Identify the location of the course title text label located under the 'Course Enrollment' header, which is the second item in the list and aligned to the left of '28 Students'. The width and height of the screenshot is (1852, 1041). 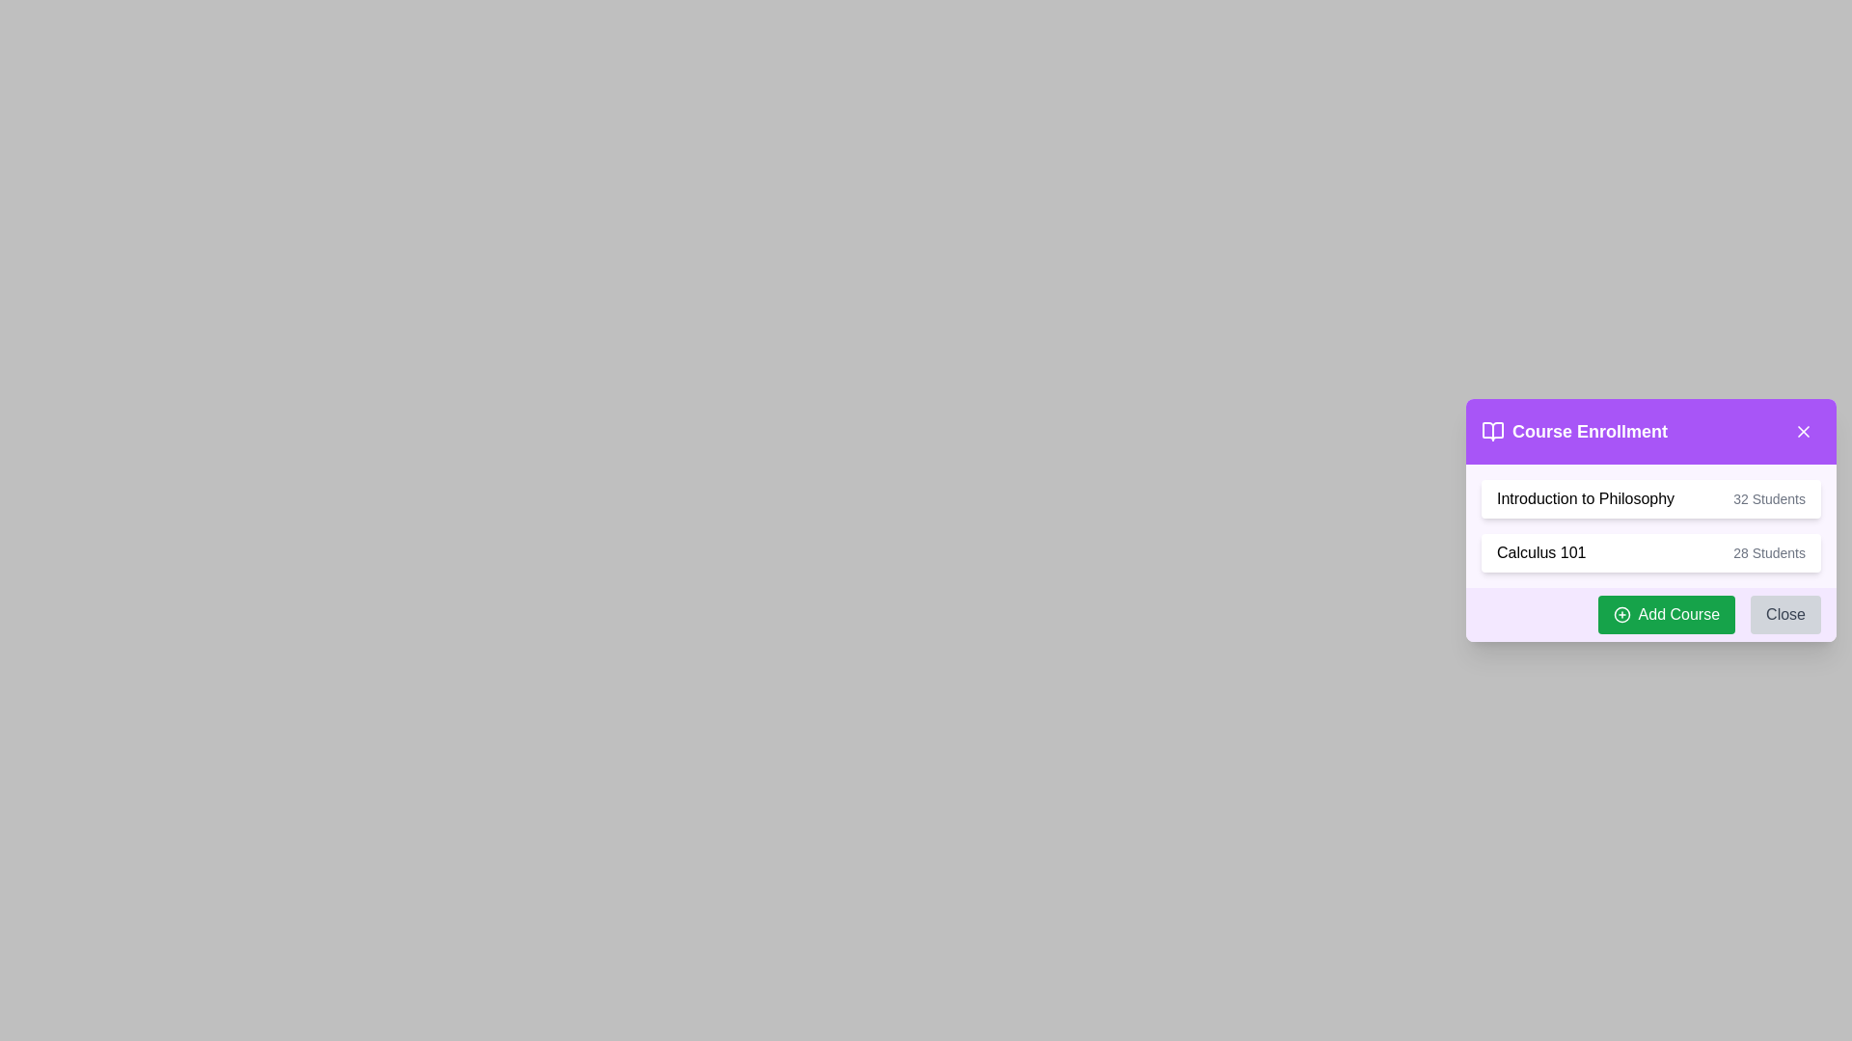
(1540, 553).